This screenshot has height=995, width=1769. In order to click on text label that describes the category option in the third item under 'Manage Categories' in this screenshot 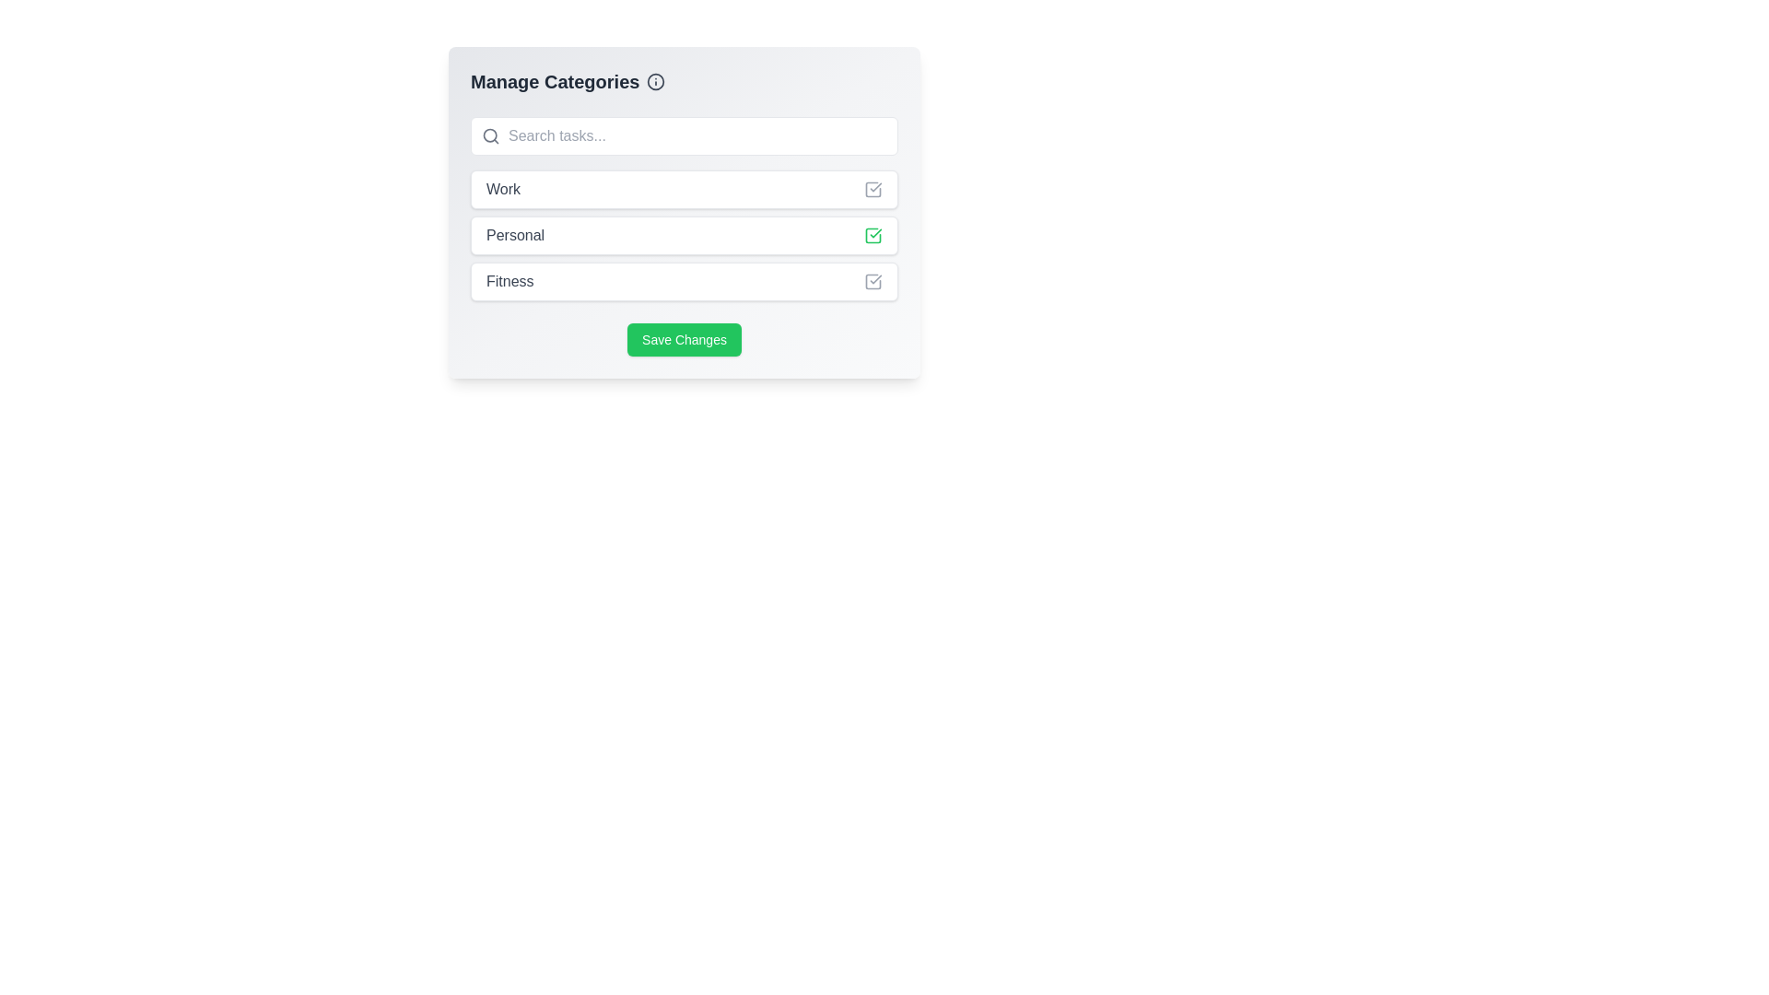, I will do `click(510, 281)`.